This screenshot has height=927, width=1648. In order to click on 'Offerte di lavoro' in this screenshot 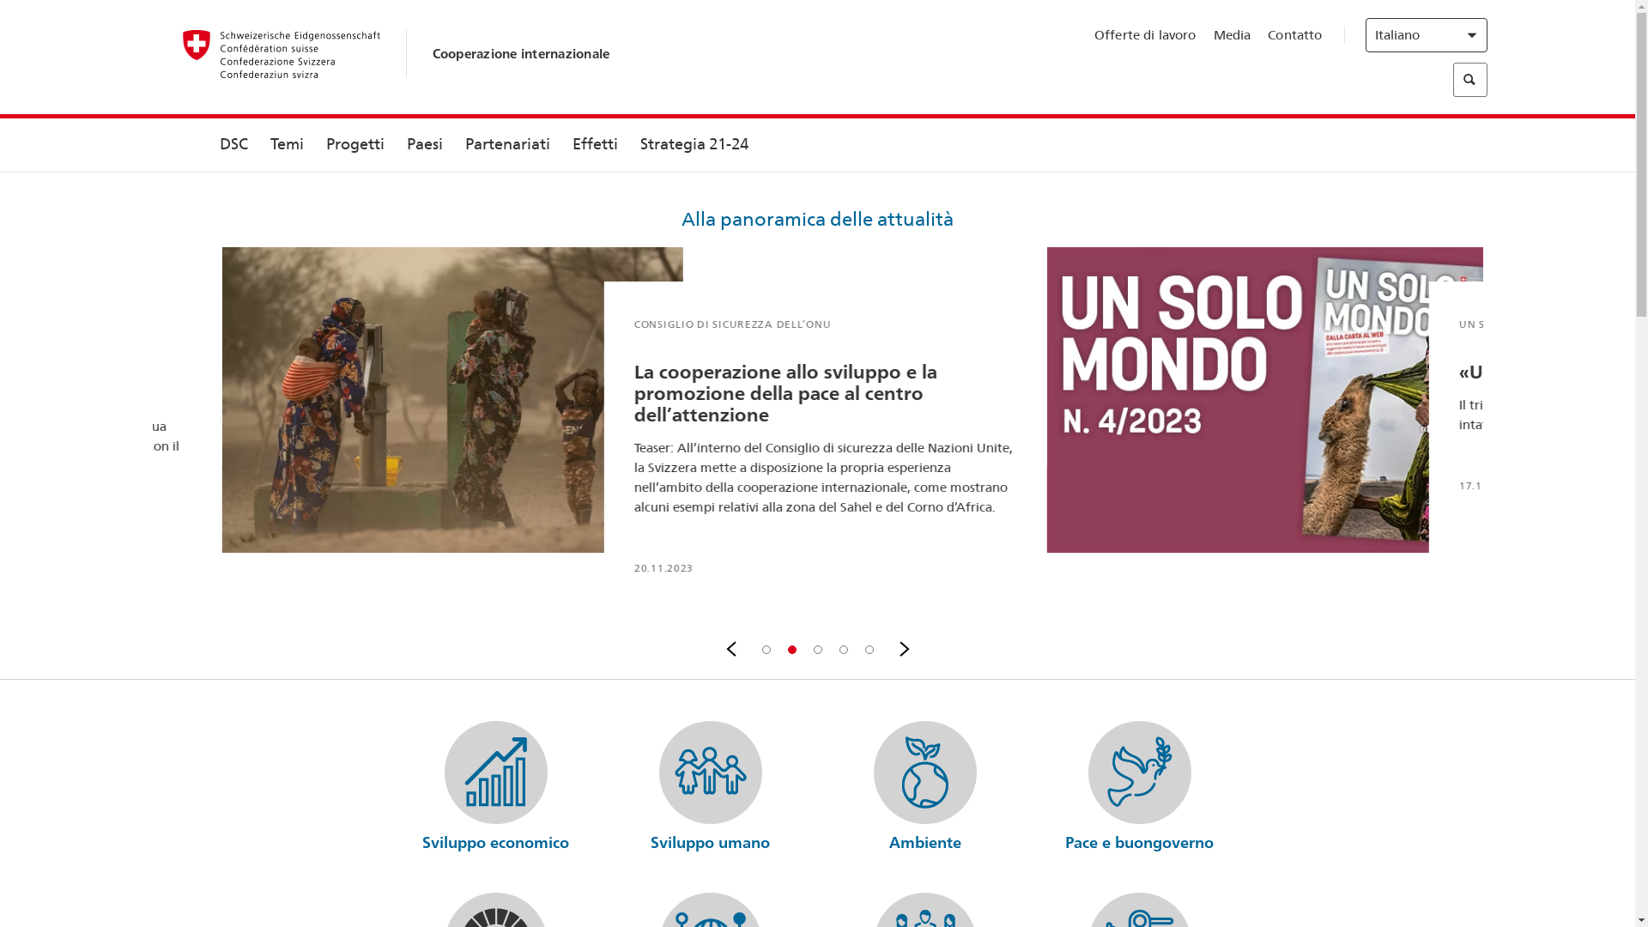, I will do `click(1145, 35)`.